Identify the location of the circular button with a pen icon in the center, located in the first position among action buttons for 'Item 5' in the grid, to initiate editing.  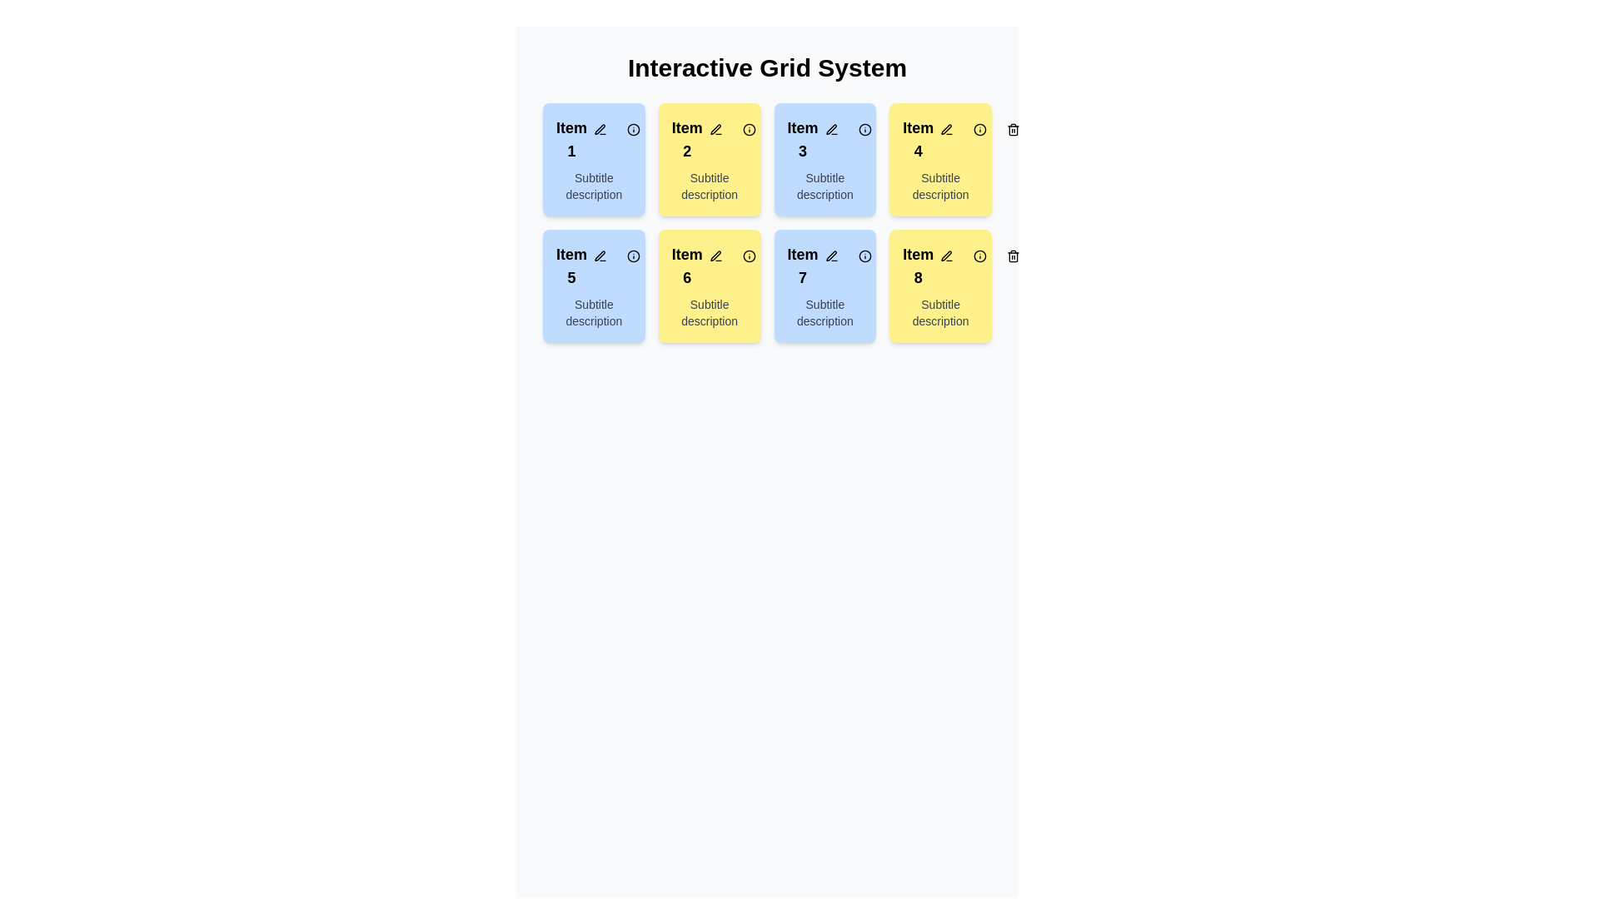
(600, 256).